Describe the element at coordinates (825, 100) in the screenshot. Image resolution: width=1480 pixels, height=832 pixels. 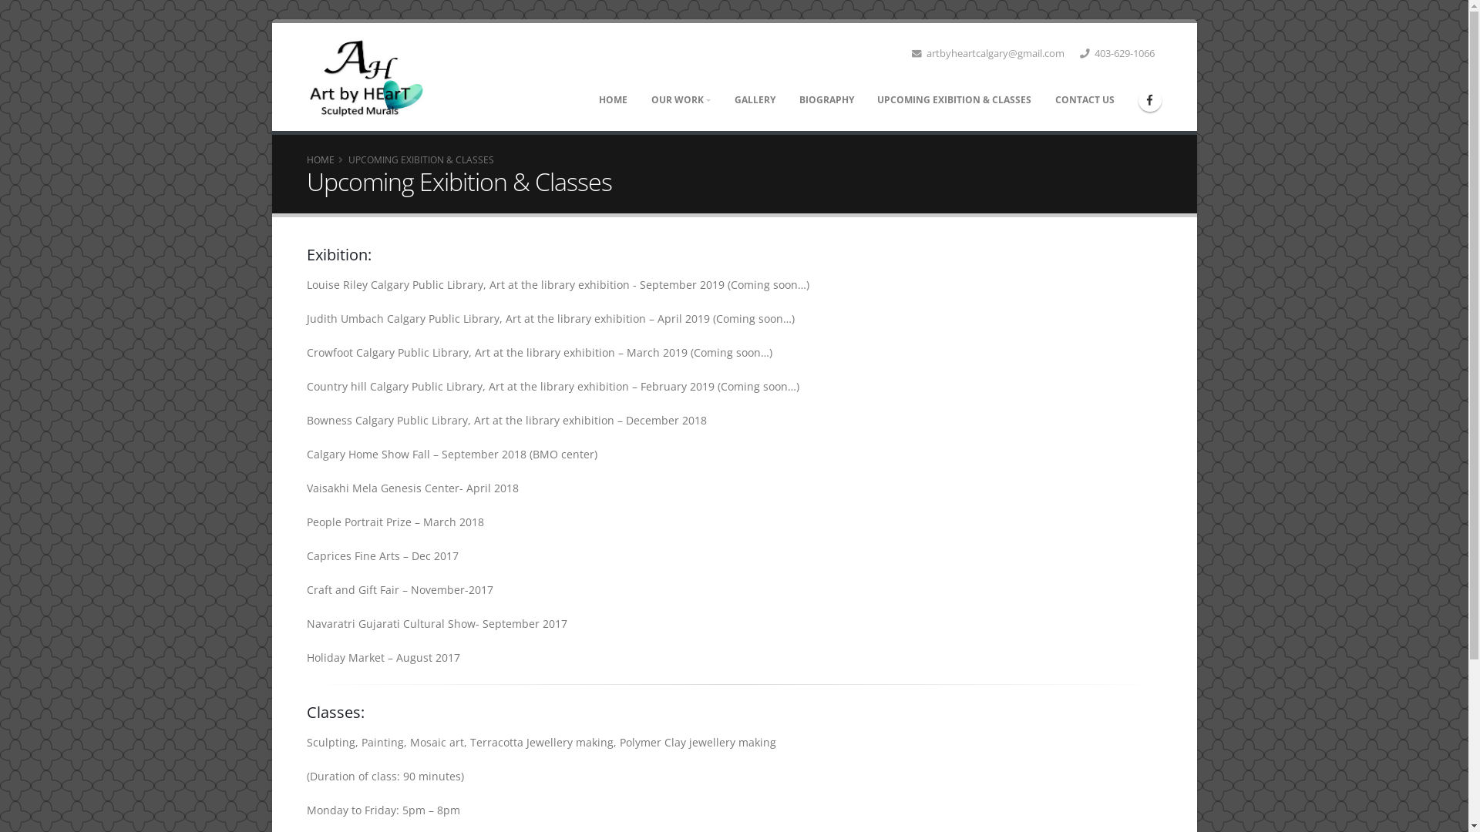
I see `'BIOGRAPHY'` at that location.